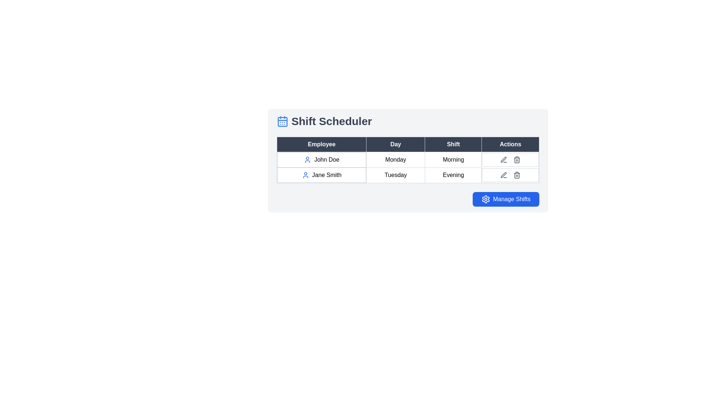 The image size is (703, 395). What do you see at coordinates (517, 159) in the screenshot?
I see `the delete button, which is the second icon` at bounding box center [517, 159].